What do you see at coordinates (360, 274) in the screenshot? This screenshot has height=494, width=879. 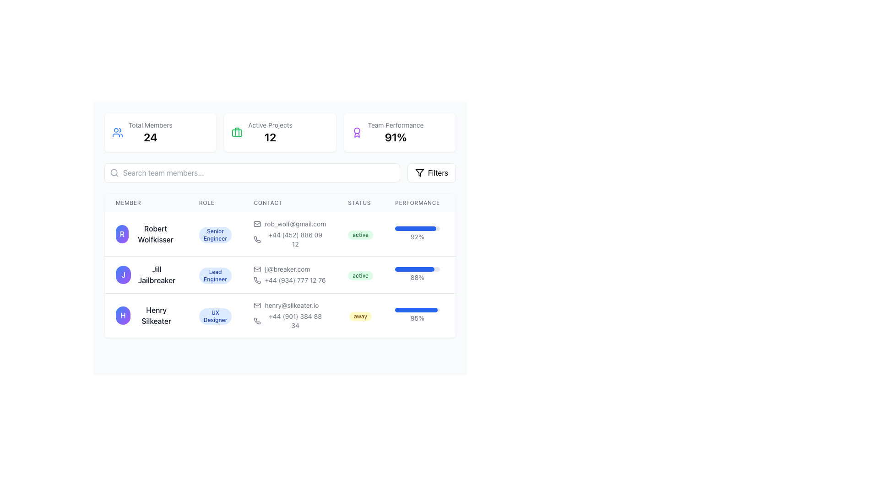 I see `status text from the green 'active' Status Tag located in the Status column of the second row in the table` at bounding box center [360, 274].